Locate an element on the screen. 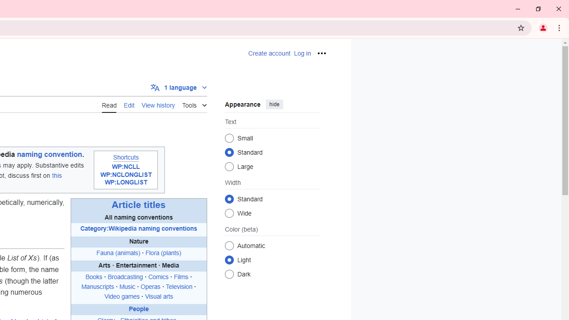 The width and height of the screenshot is (569, 320). 'AutomationID: pt-login-2' is located at coordinates (302, 53).